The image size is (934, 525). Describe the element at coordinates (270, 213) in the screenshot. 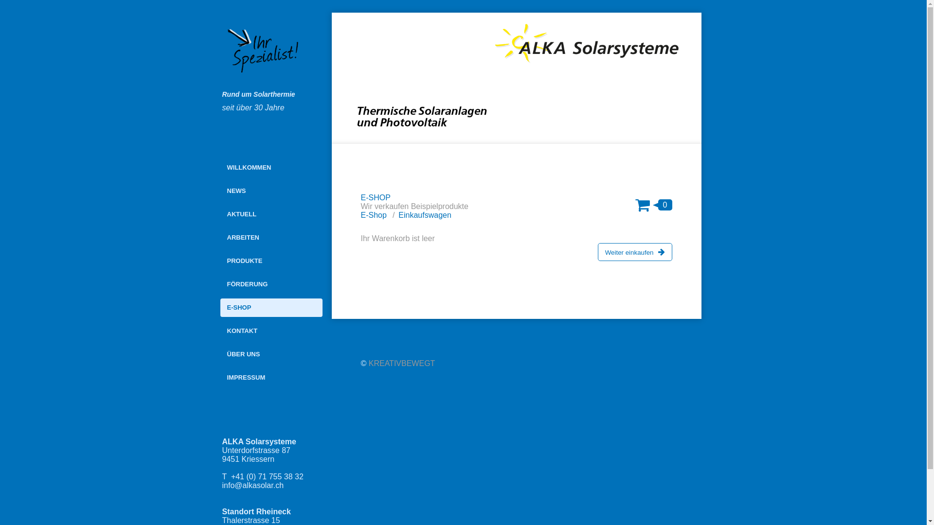

I see `'AKTUELL'` at that location.